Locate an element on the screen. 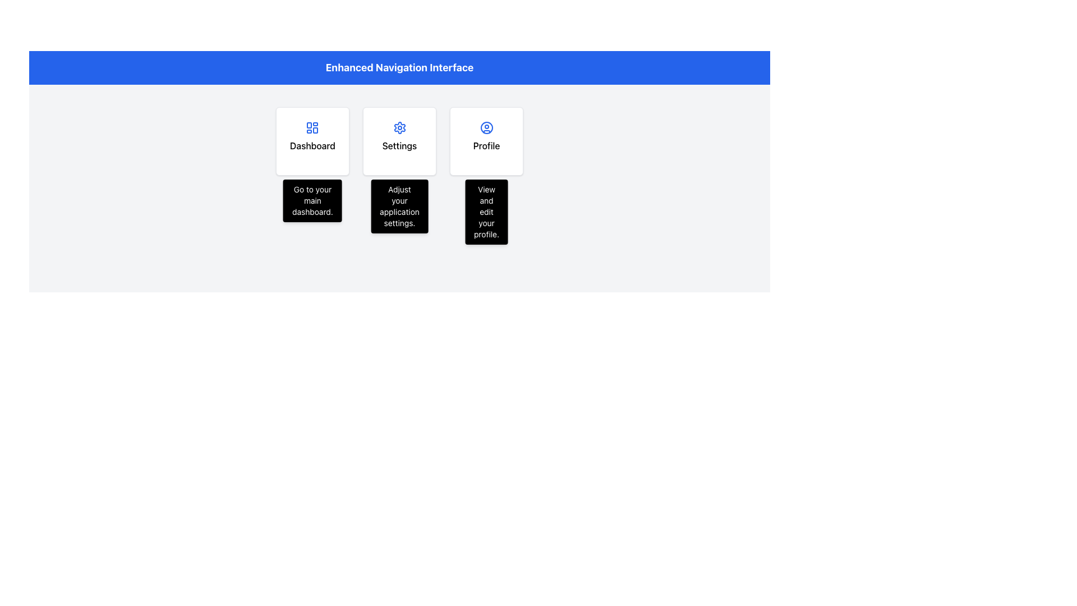  the blue gear-shaped icon in the center of the settings card is located at coordinates (399, 127).